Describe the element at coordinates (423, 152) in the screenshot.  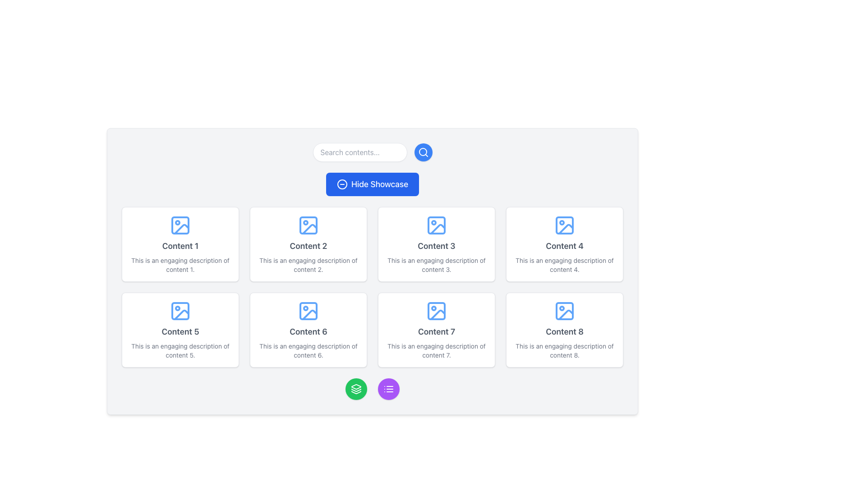
I see `the search button located to the right of the search input field` at that location.